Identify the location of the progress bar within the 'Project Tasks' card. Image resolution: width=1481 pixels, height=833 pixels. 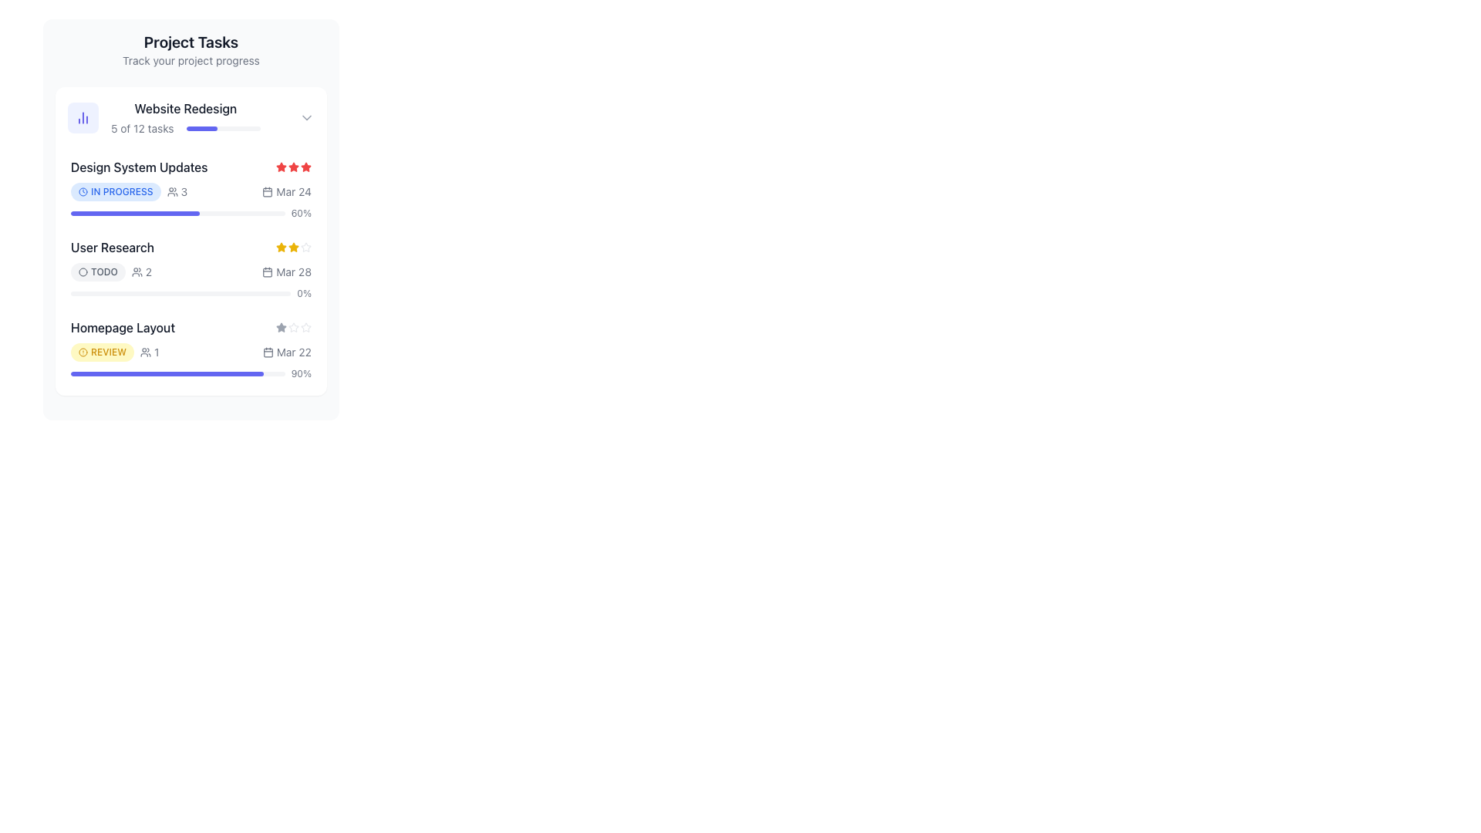
(191, 220).